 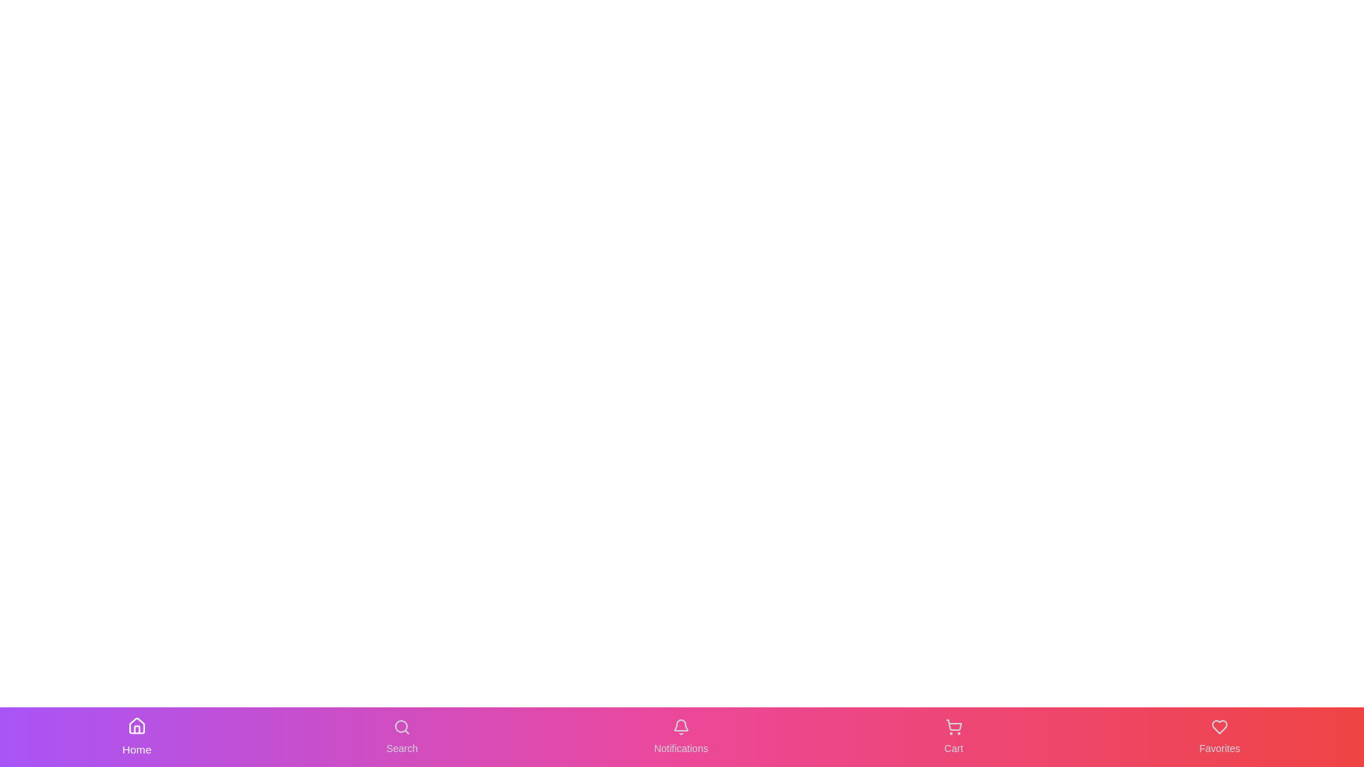 I want to click on the Home button in the navigation bar, so click(x=136, y=736).